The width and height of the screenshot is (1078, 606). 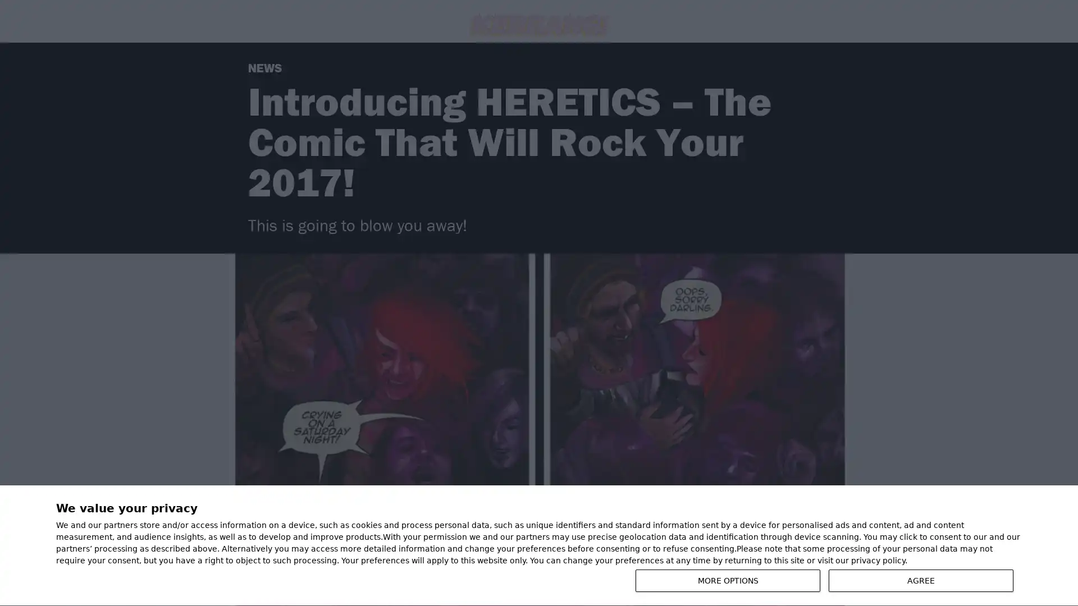 I want to click on MENU, so click(x=1028, y=547).